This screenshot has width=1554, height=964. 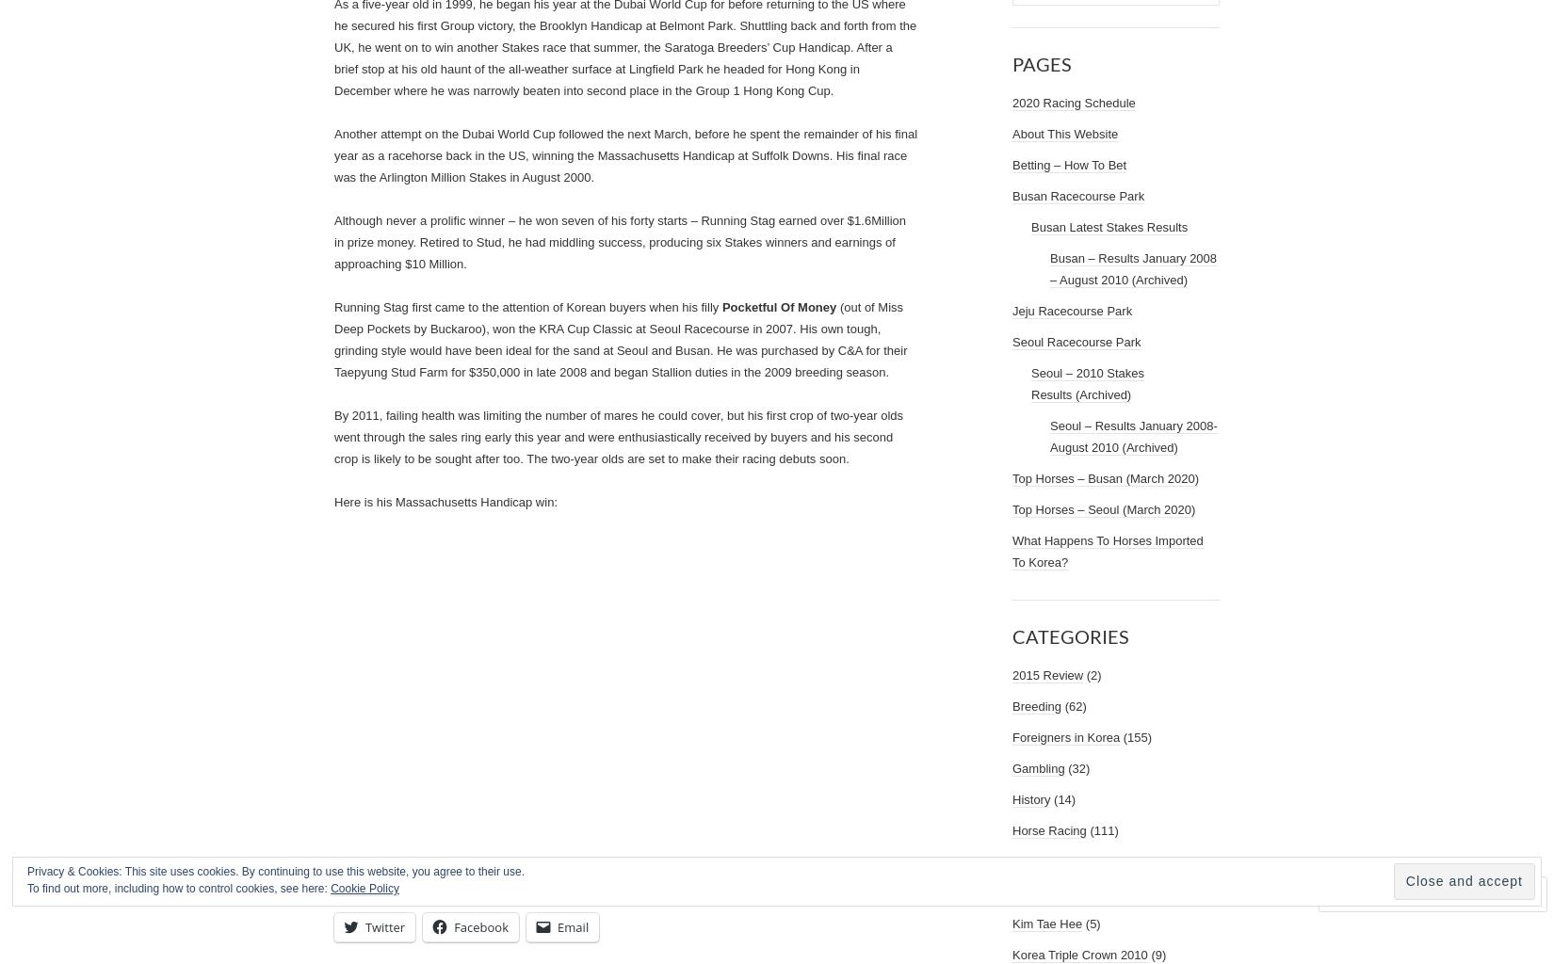 I want to click on 'Email', so click(x=572, y=924).